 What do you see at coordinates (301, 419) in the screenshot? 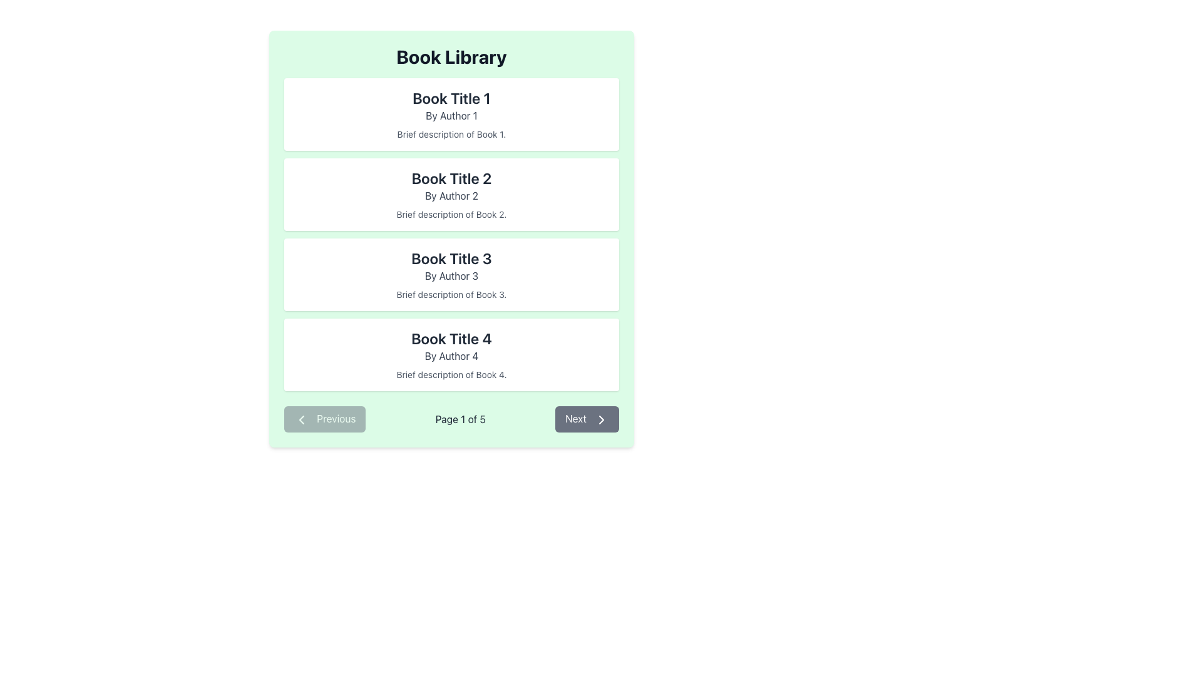
I see `the leftward-pointing chevron icon located inside the 'Previous' button on the left side of the footer navigation bar` at bounding box center [301, 419].